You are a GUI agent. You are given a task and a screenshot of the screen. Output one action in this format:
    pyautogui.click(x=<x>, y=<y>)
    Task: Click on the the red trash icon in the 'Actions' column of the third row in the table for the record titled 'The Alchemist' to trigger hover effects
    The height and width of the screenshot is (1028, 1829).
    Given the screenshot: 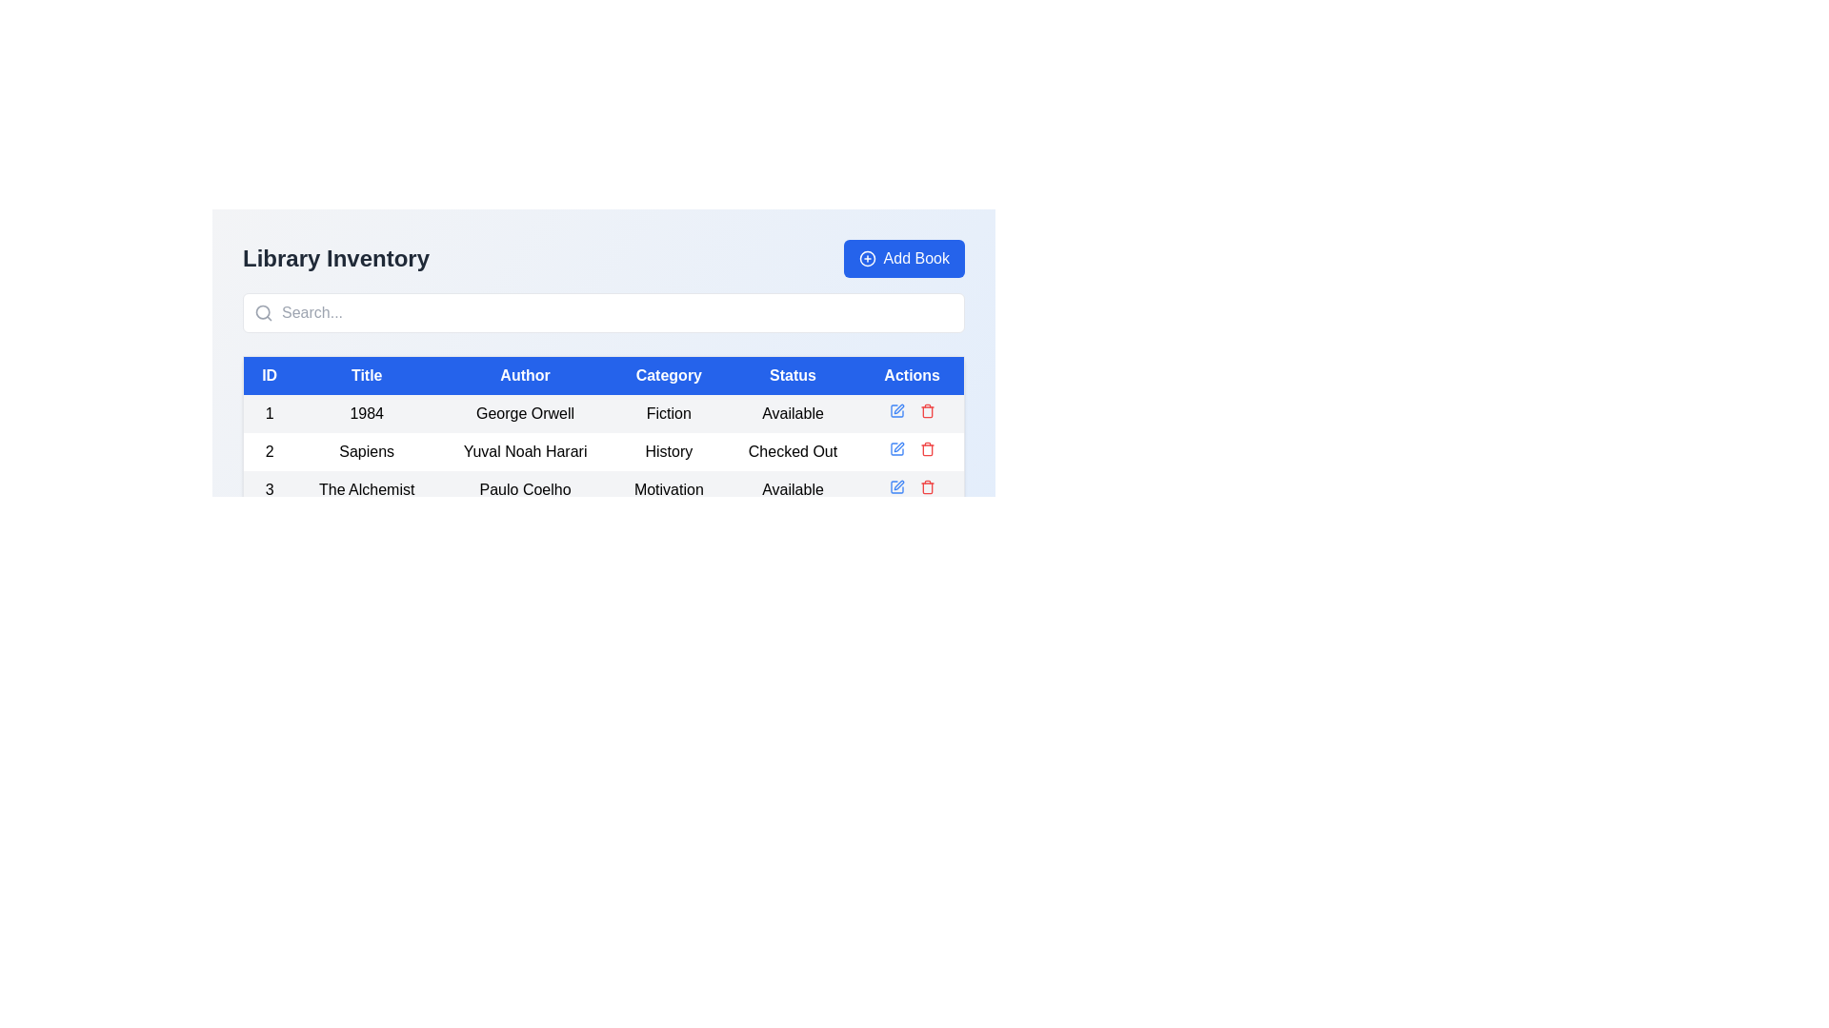 What is the action you would take?
    pyautogui.click(x=927, y=410)
    